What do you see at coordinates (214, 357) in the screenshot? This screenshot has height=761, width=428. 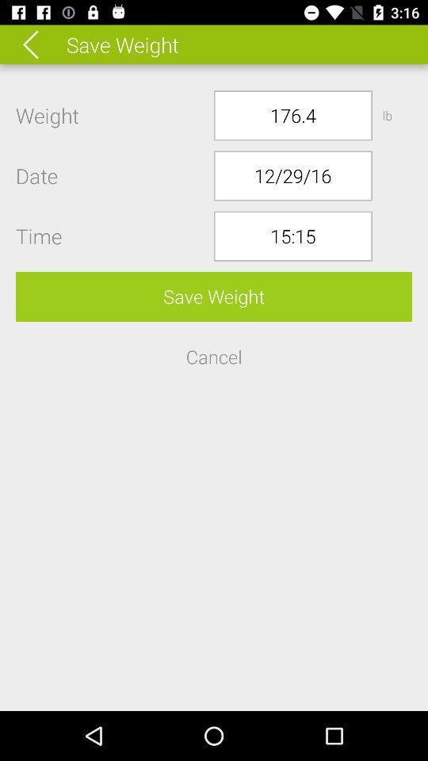 I see `the button below the save weight button` at bounding box center [214, 357].